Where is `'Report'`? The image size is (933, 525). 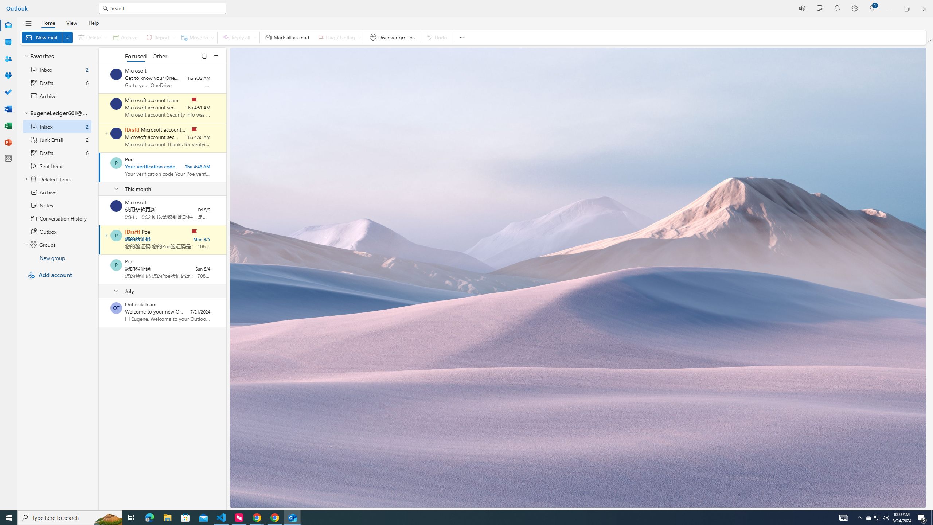
'Report' is located at coordinates (159, 37).